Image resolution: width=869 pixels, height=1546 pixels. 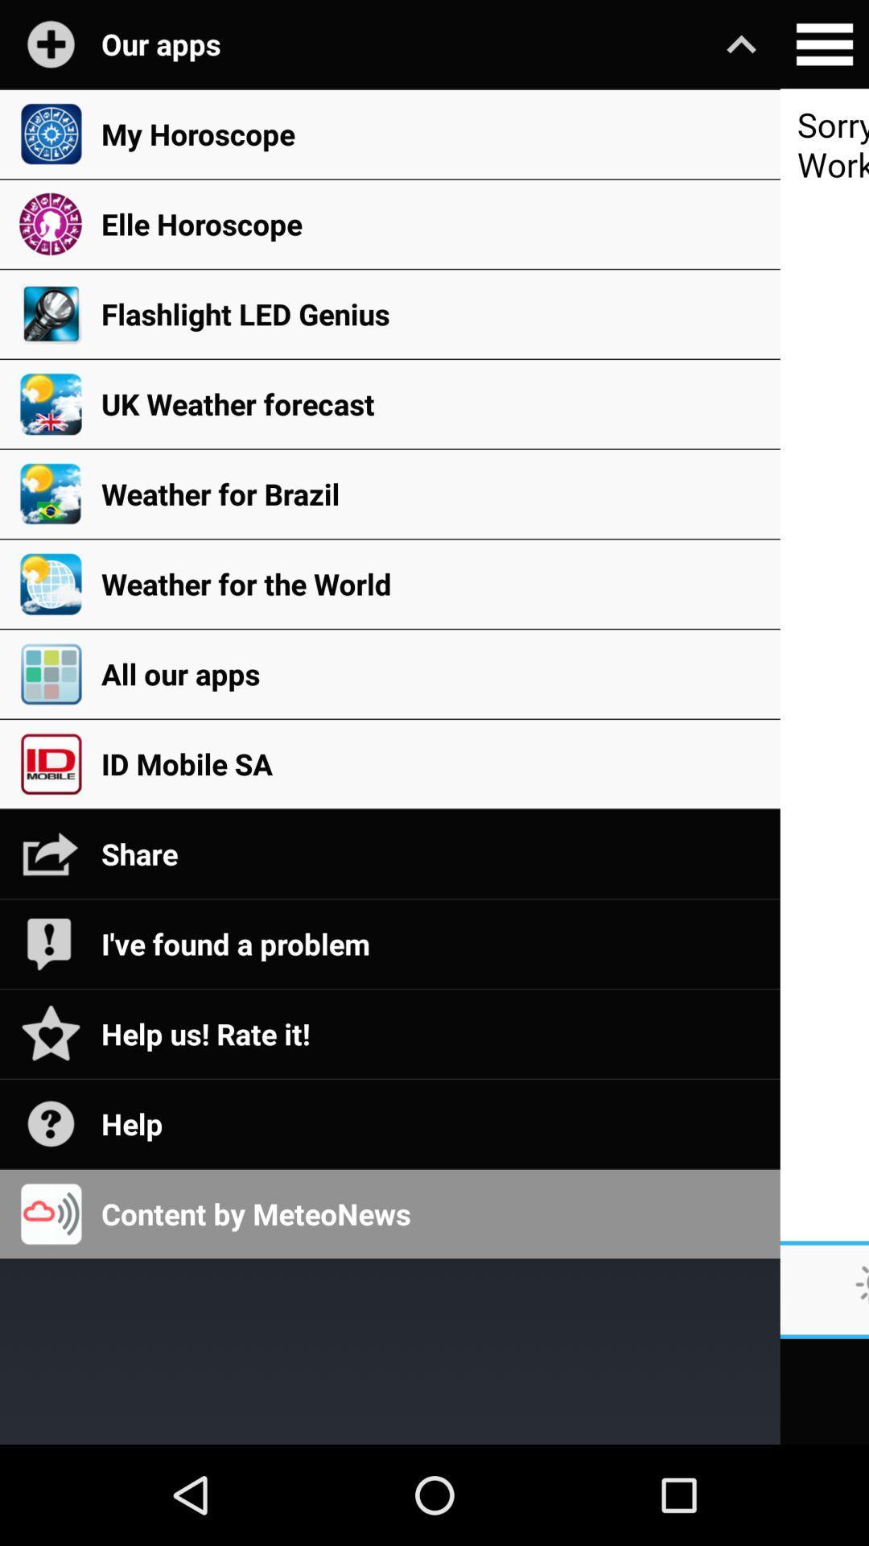 I want to click on menu icon, so click(x=824, y=44).